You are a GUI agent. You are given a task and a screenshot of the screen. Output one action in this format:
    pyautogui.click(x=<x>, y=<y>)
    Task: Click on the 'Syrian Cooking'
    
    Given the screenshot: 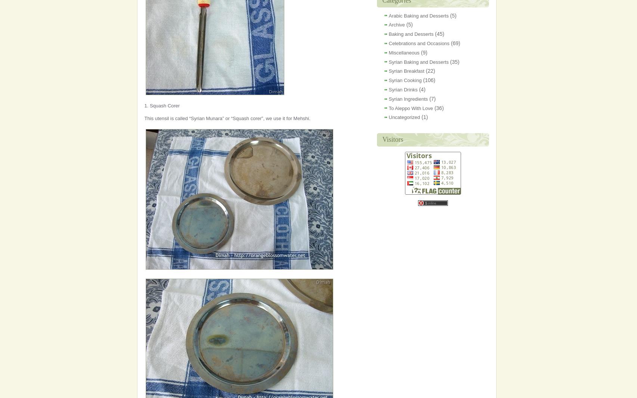 What is the action you would take?
    pyautogui.click(x=405, y=80)
    